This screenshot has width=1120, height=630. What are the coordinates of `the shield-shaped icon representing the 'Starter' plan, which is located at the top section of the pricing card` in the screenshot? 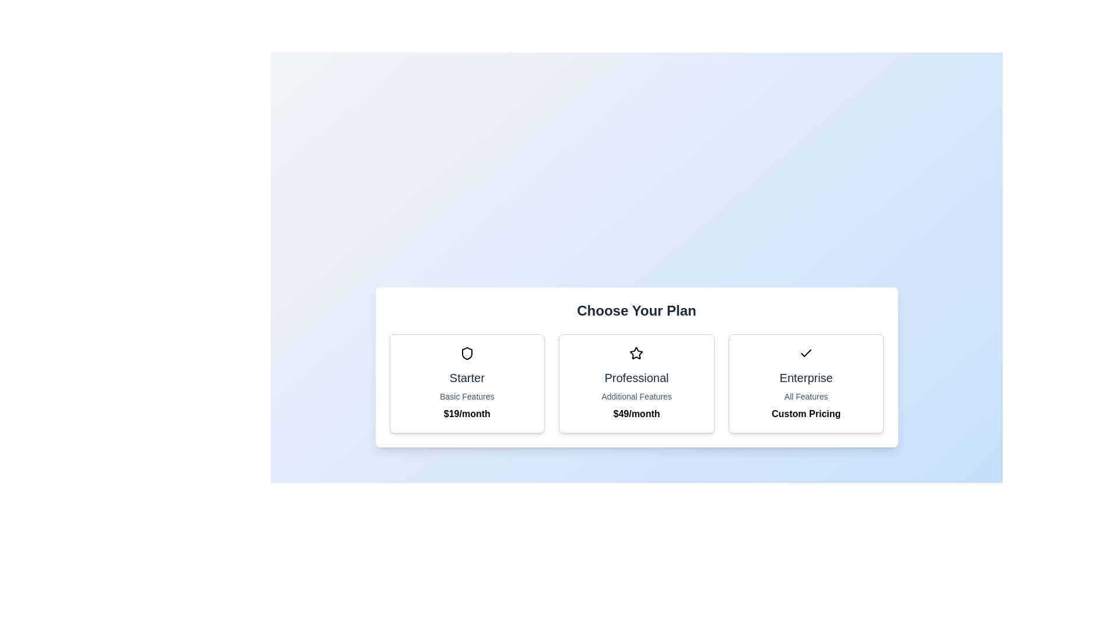 It's located at (467, 352).